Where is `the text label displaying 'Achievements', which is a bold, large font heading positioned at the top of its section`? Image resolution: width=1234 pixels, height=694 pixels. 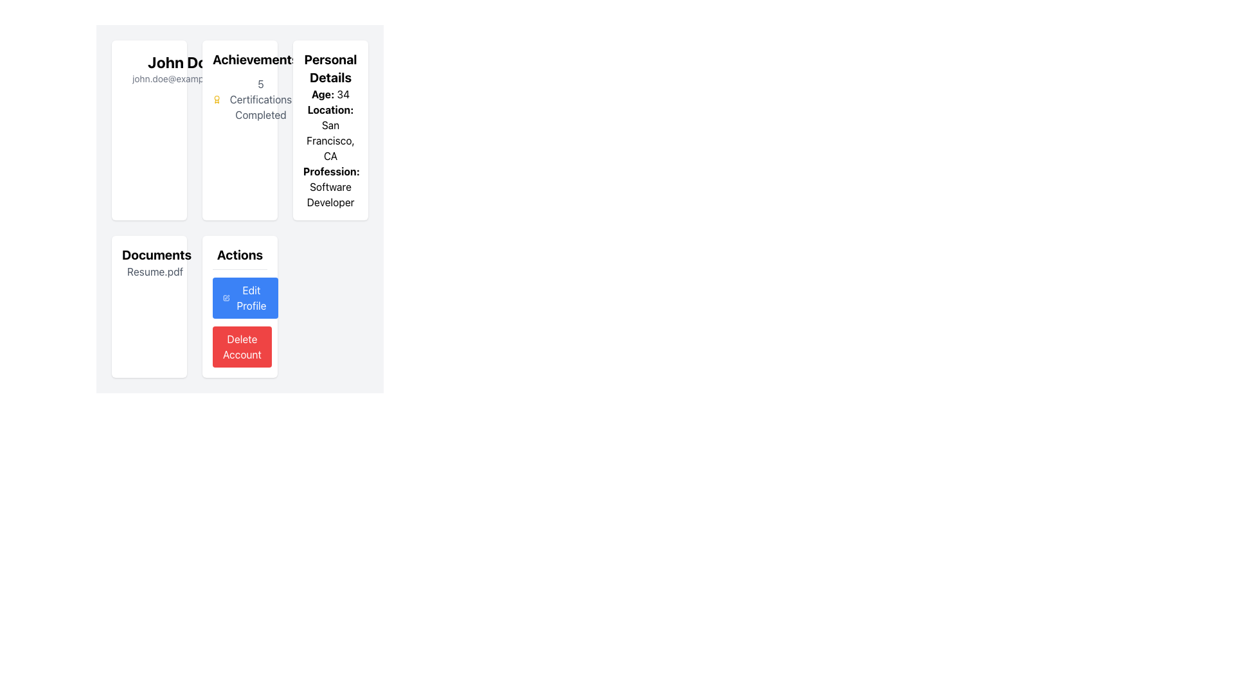
the text label displaying 'Achievements', which is a bold, large font heading positioned at the top of its section is located at coordinates (255, 59).